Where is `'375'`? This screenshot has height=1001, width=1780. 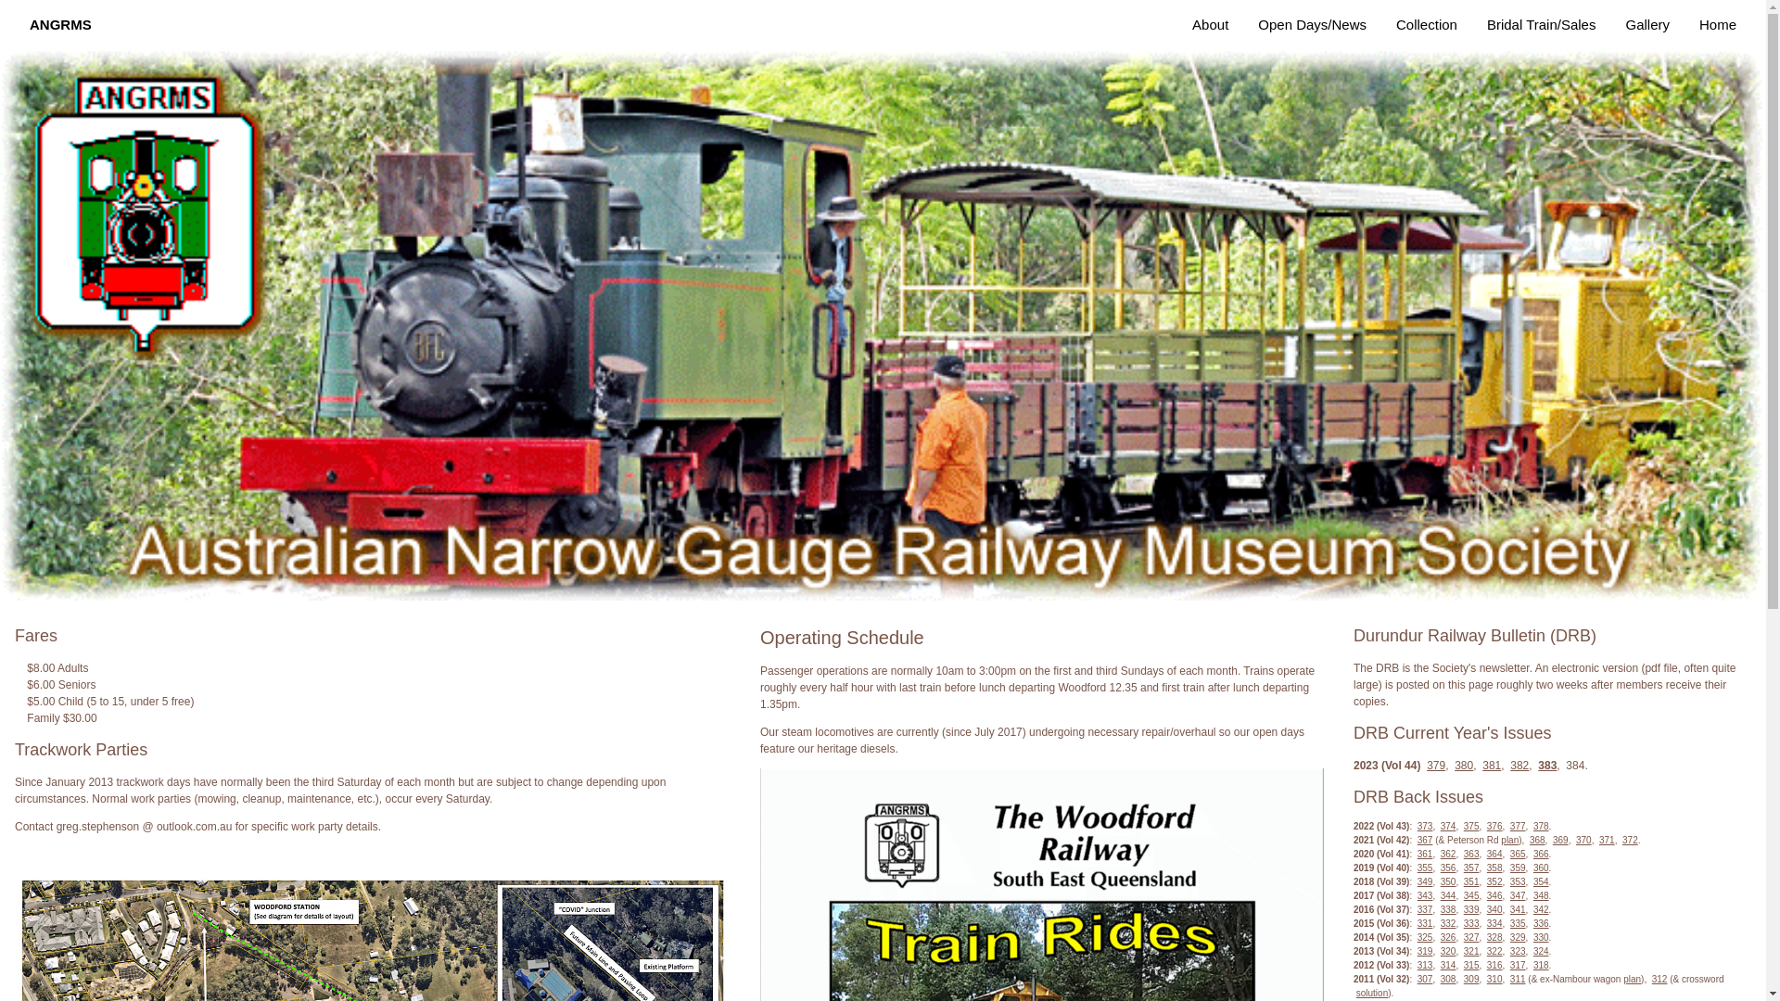
'375' is located at coordinates (1470, 825).